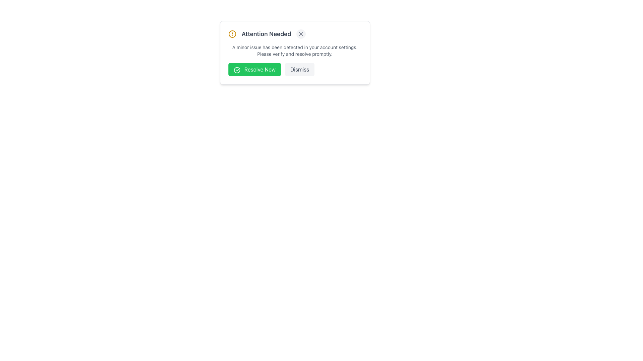  Describe the element at coordinates (237, 70) in the screenshot. I see `the icon located within the green 'Resolve Now' button, which visually reinforces the context of task completion` at that location.